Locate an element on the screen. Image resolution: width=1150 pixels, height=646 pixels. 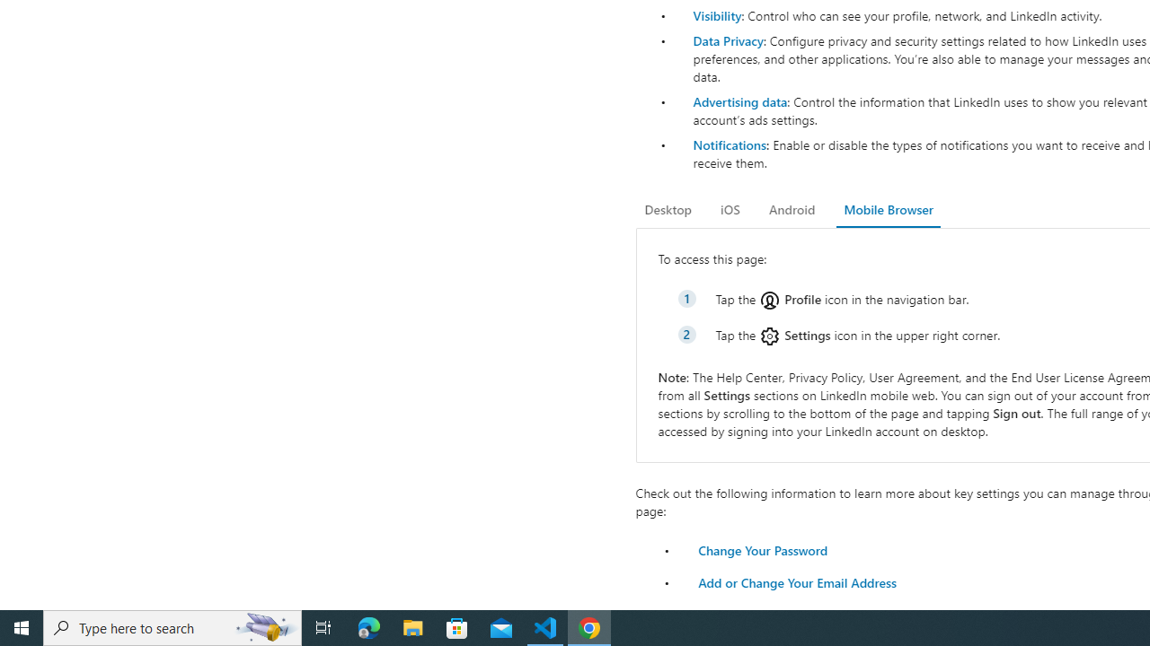
'Mobile Browser' is located at coordinates (888, 209).